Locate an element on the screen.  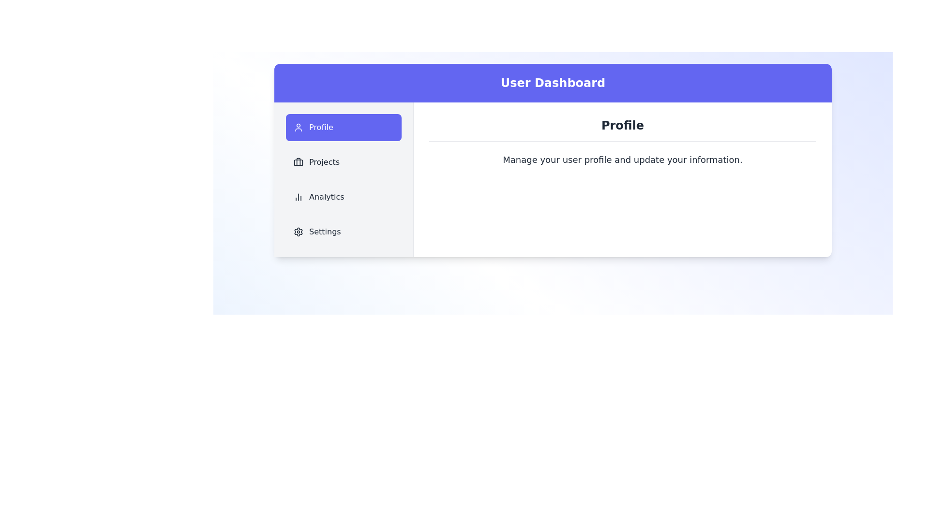
the Analytics tab in the sidebar is located at coordinates (344, 197).